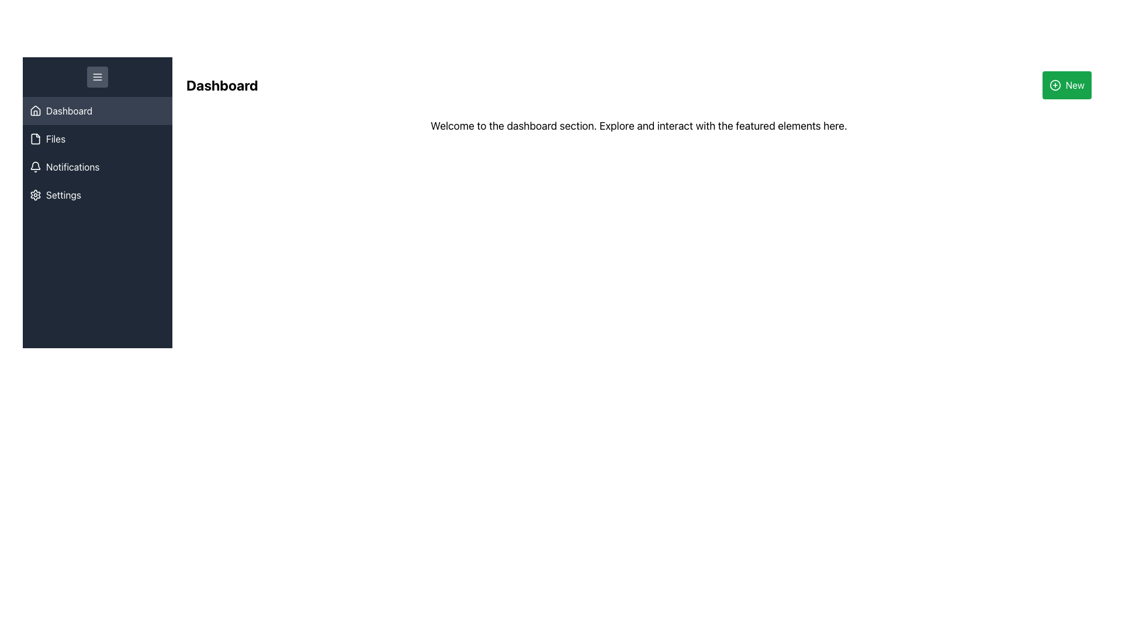 This screenshot has width=1122, height=631. I want to click on the visual design of the bell-shaped icon located at the start of the 'Notifications' row in the vertical navigation menu, so click(36, 167).